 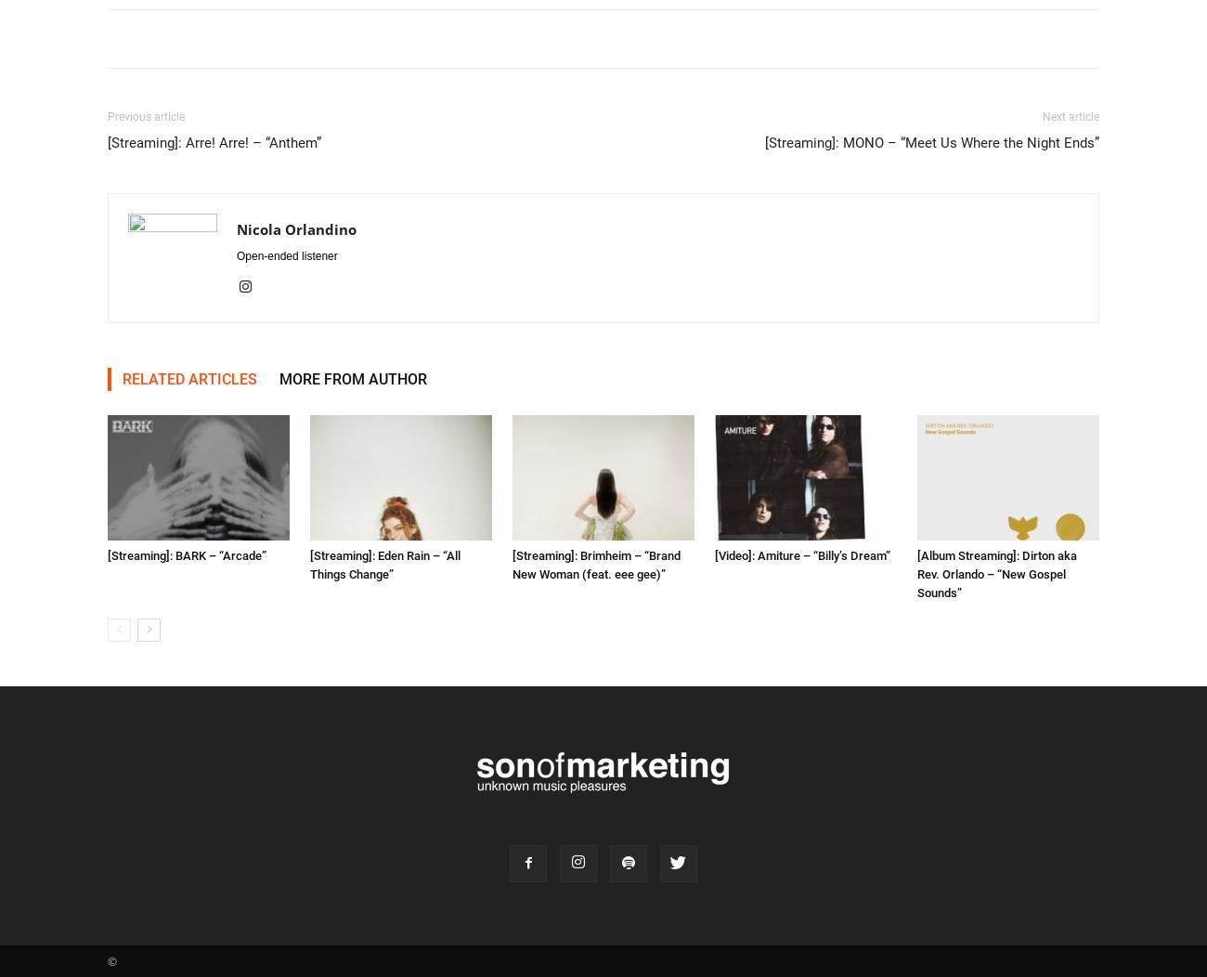 What do you see at coordinates (189, 378) in the screenshot?
I see `'RELATED ARTICLES'` at bounding box center [189, 378].